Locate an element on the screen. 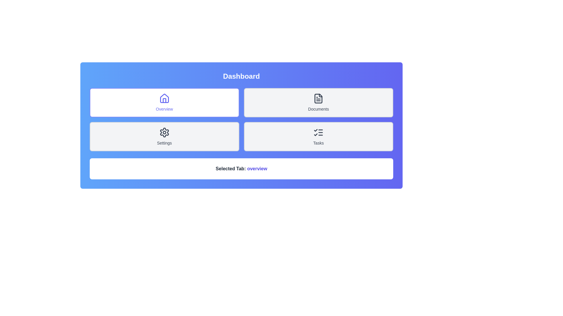  the Settings button located in the left column of the second row of the grid layout, positioned below the Overview button and to the left of the Tasks button is located at coordinates (164, 136).